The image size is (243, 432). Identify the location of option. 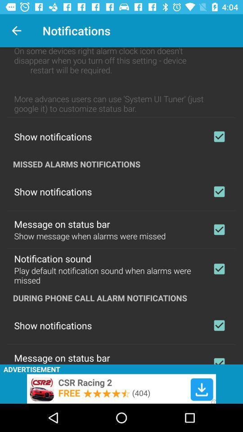
(219, 359).